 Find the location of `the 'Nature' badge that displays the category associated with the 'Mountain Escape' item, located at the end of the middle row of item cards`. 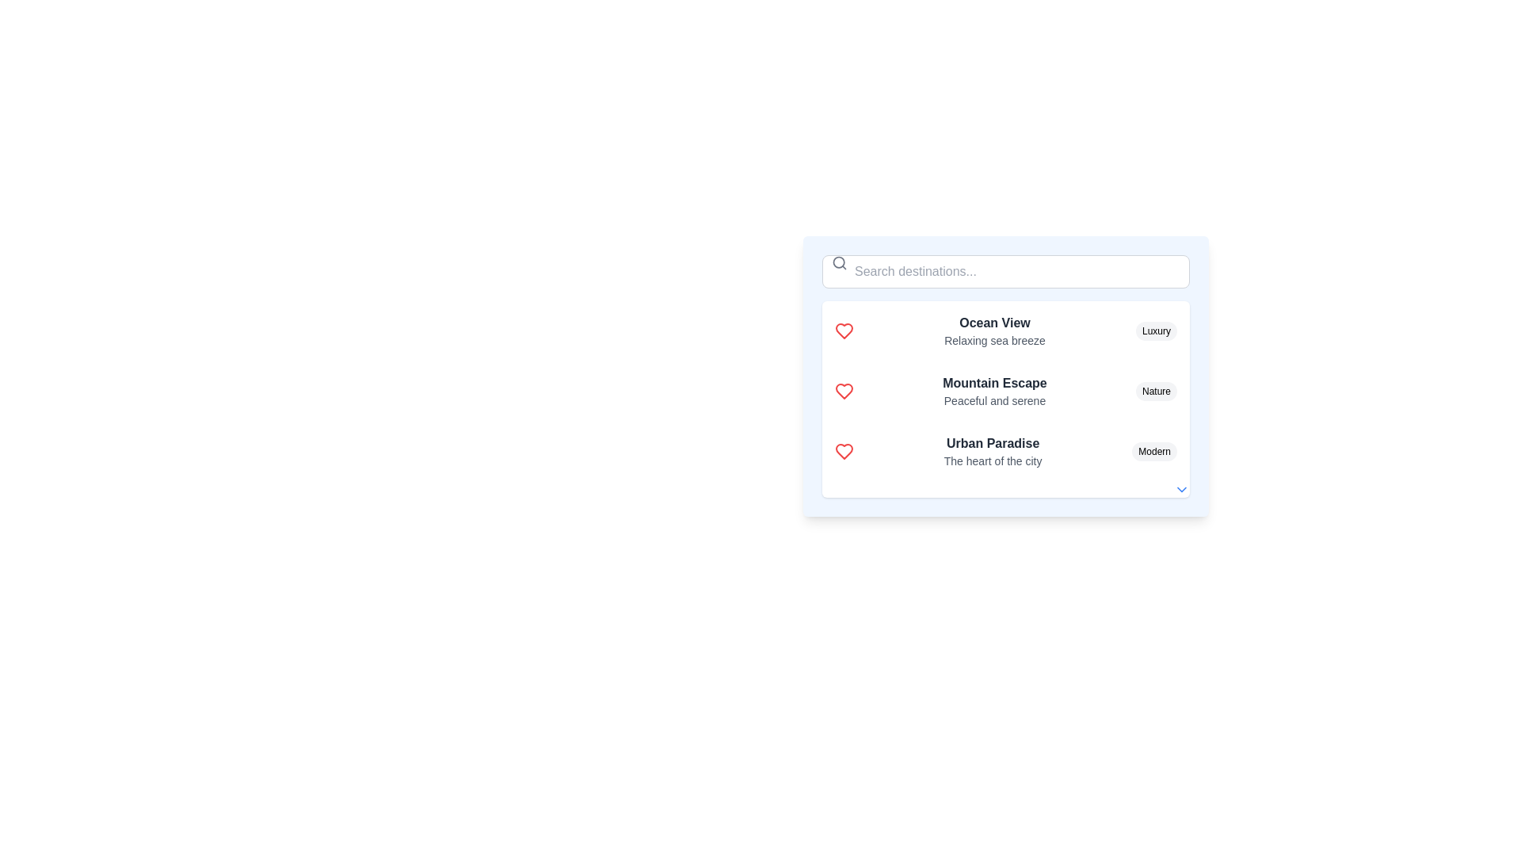

the 'Nature' badge that displays the category associated with the 'Mountain Escape' item, located at the end of the middle row of item cards is located at coordinates (1156, 391).